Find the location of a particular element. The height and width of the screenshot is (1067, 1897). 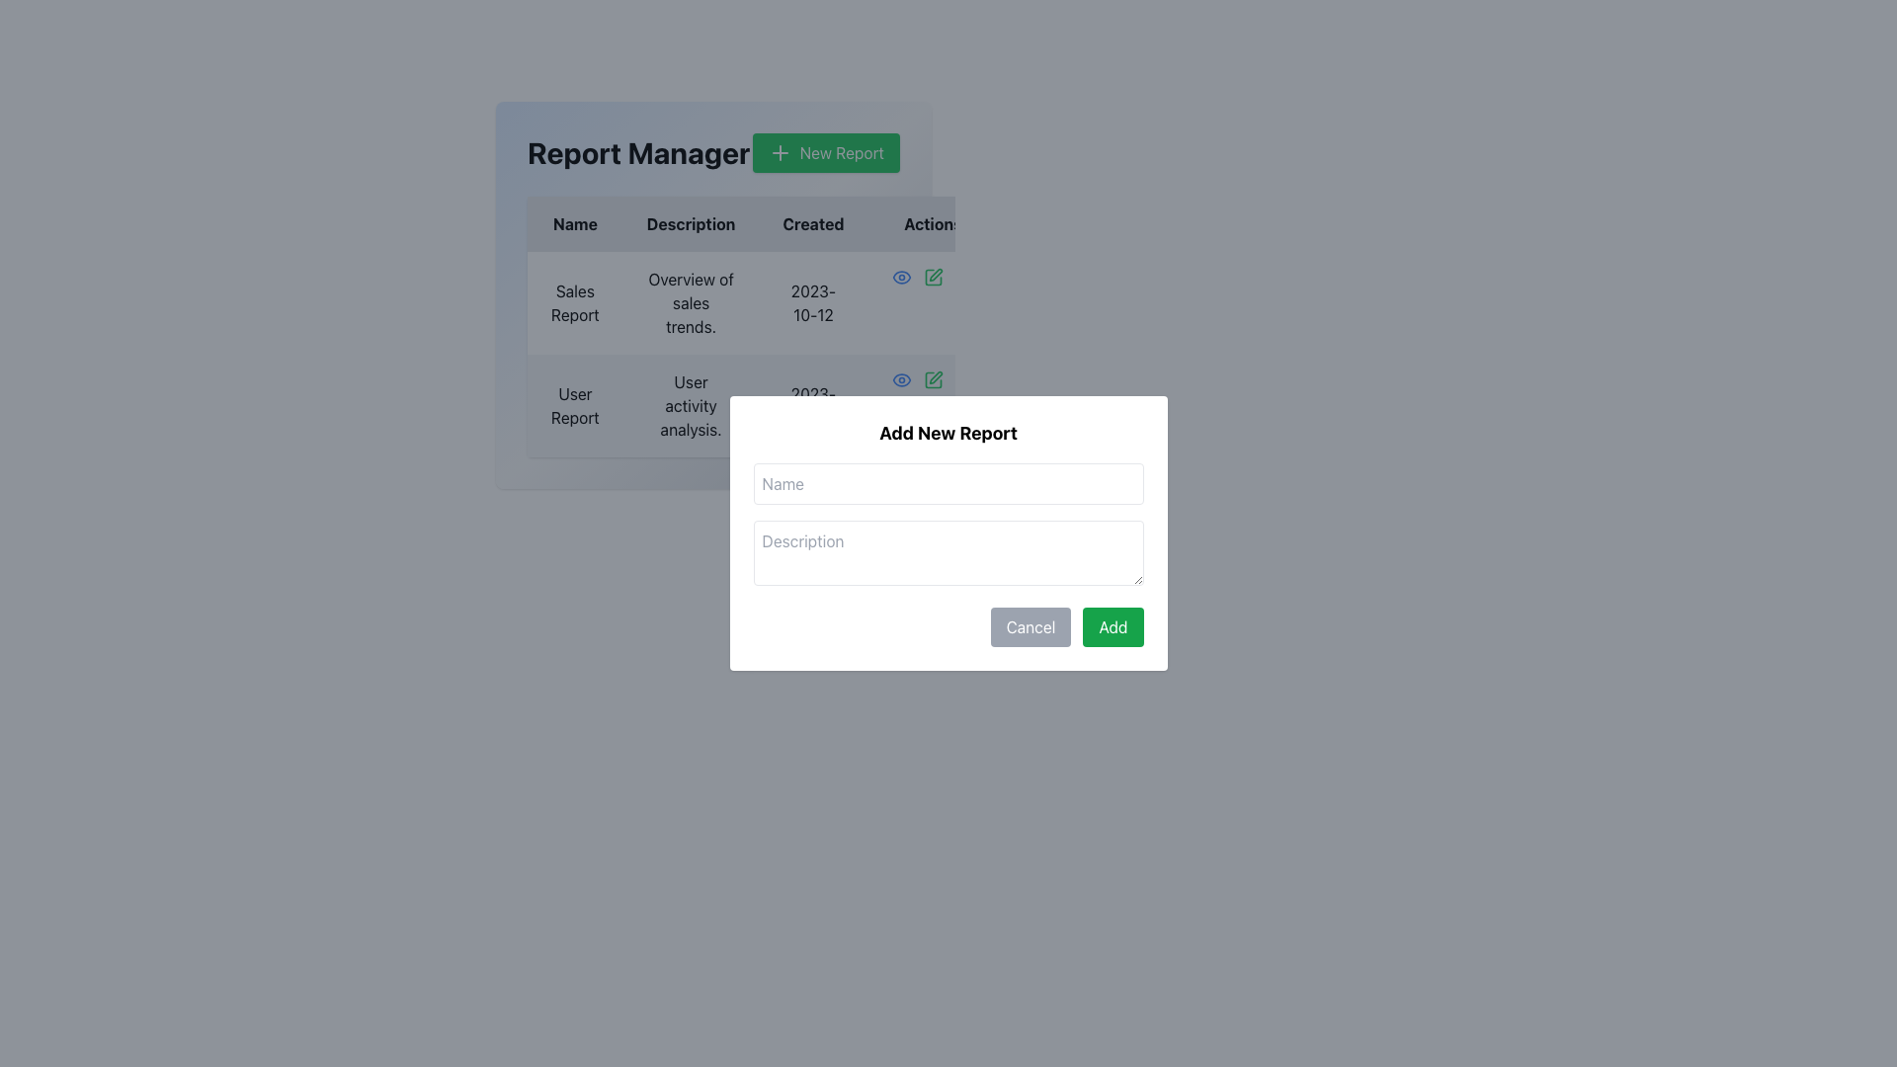

the green button labeled 'New Report' in the header section of the 'Report Manager' interface is located at coordinates (826, 151).